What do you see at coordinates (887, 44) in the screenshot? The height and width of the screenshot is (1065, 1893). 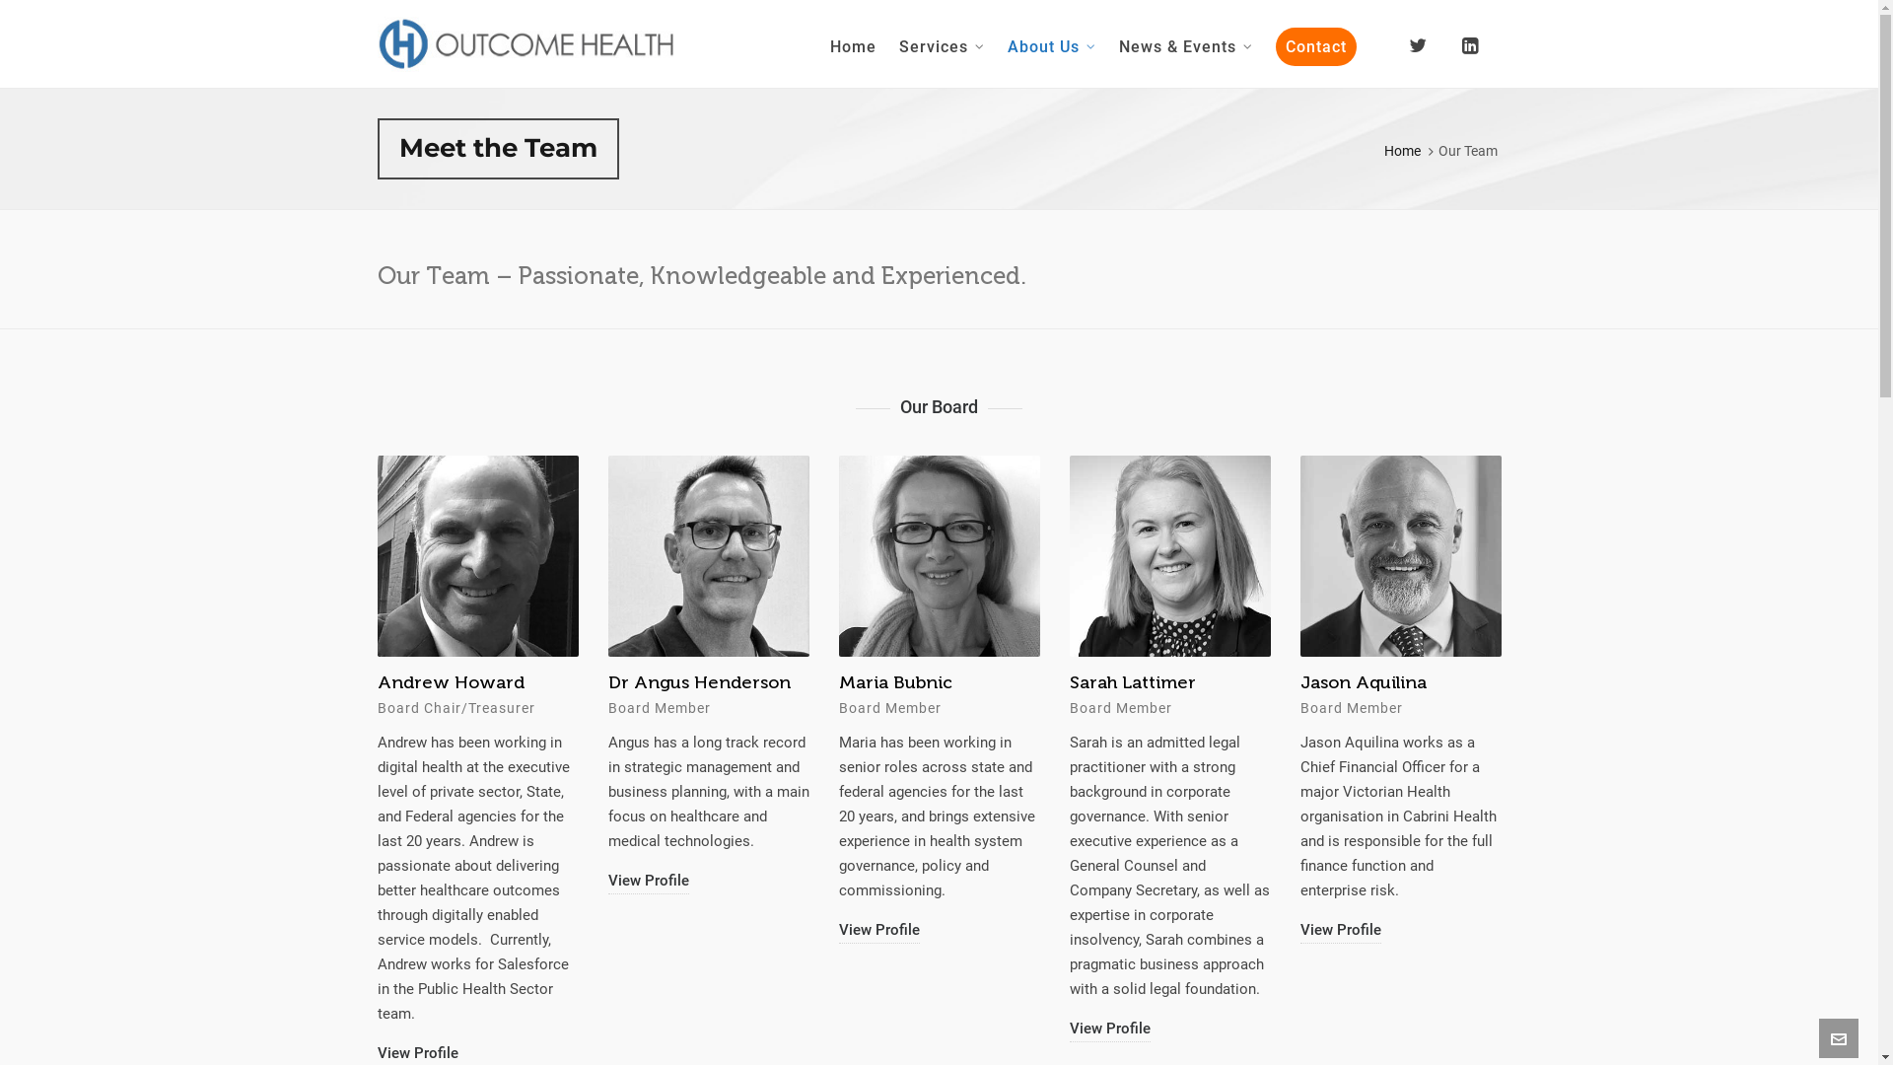 I see `'Services'` at bounding box center [887, 44].